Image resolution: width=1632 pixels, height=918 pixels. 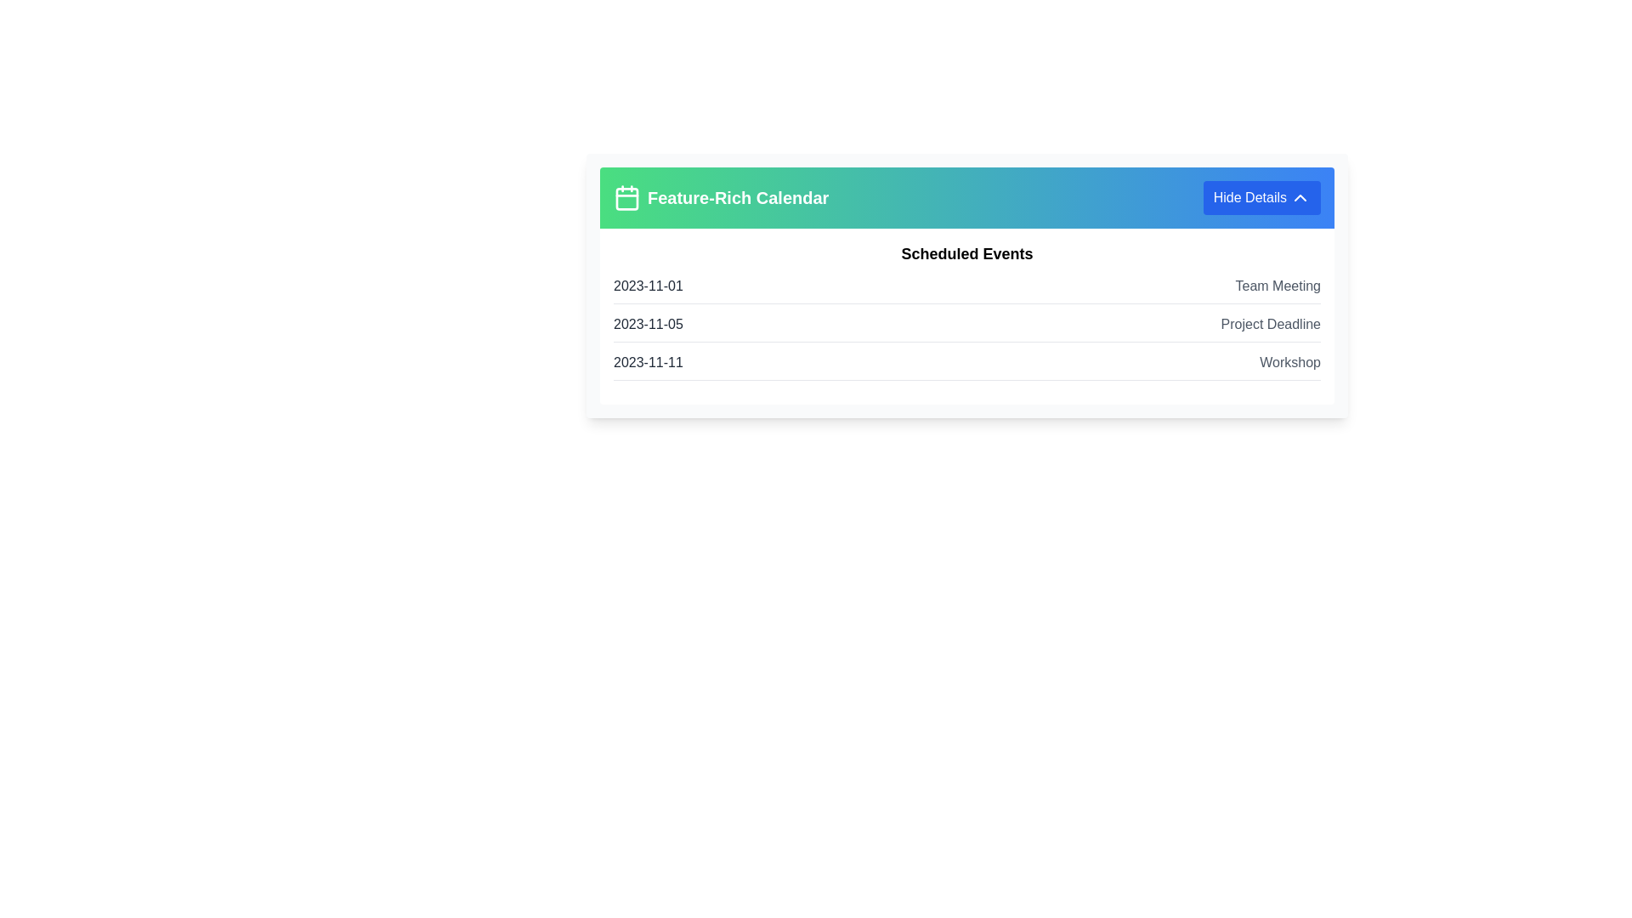 I want to click on the button located at the far right of the header section labeled 'Feature-Rich Calendar', so click(x=1261, y=196).